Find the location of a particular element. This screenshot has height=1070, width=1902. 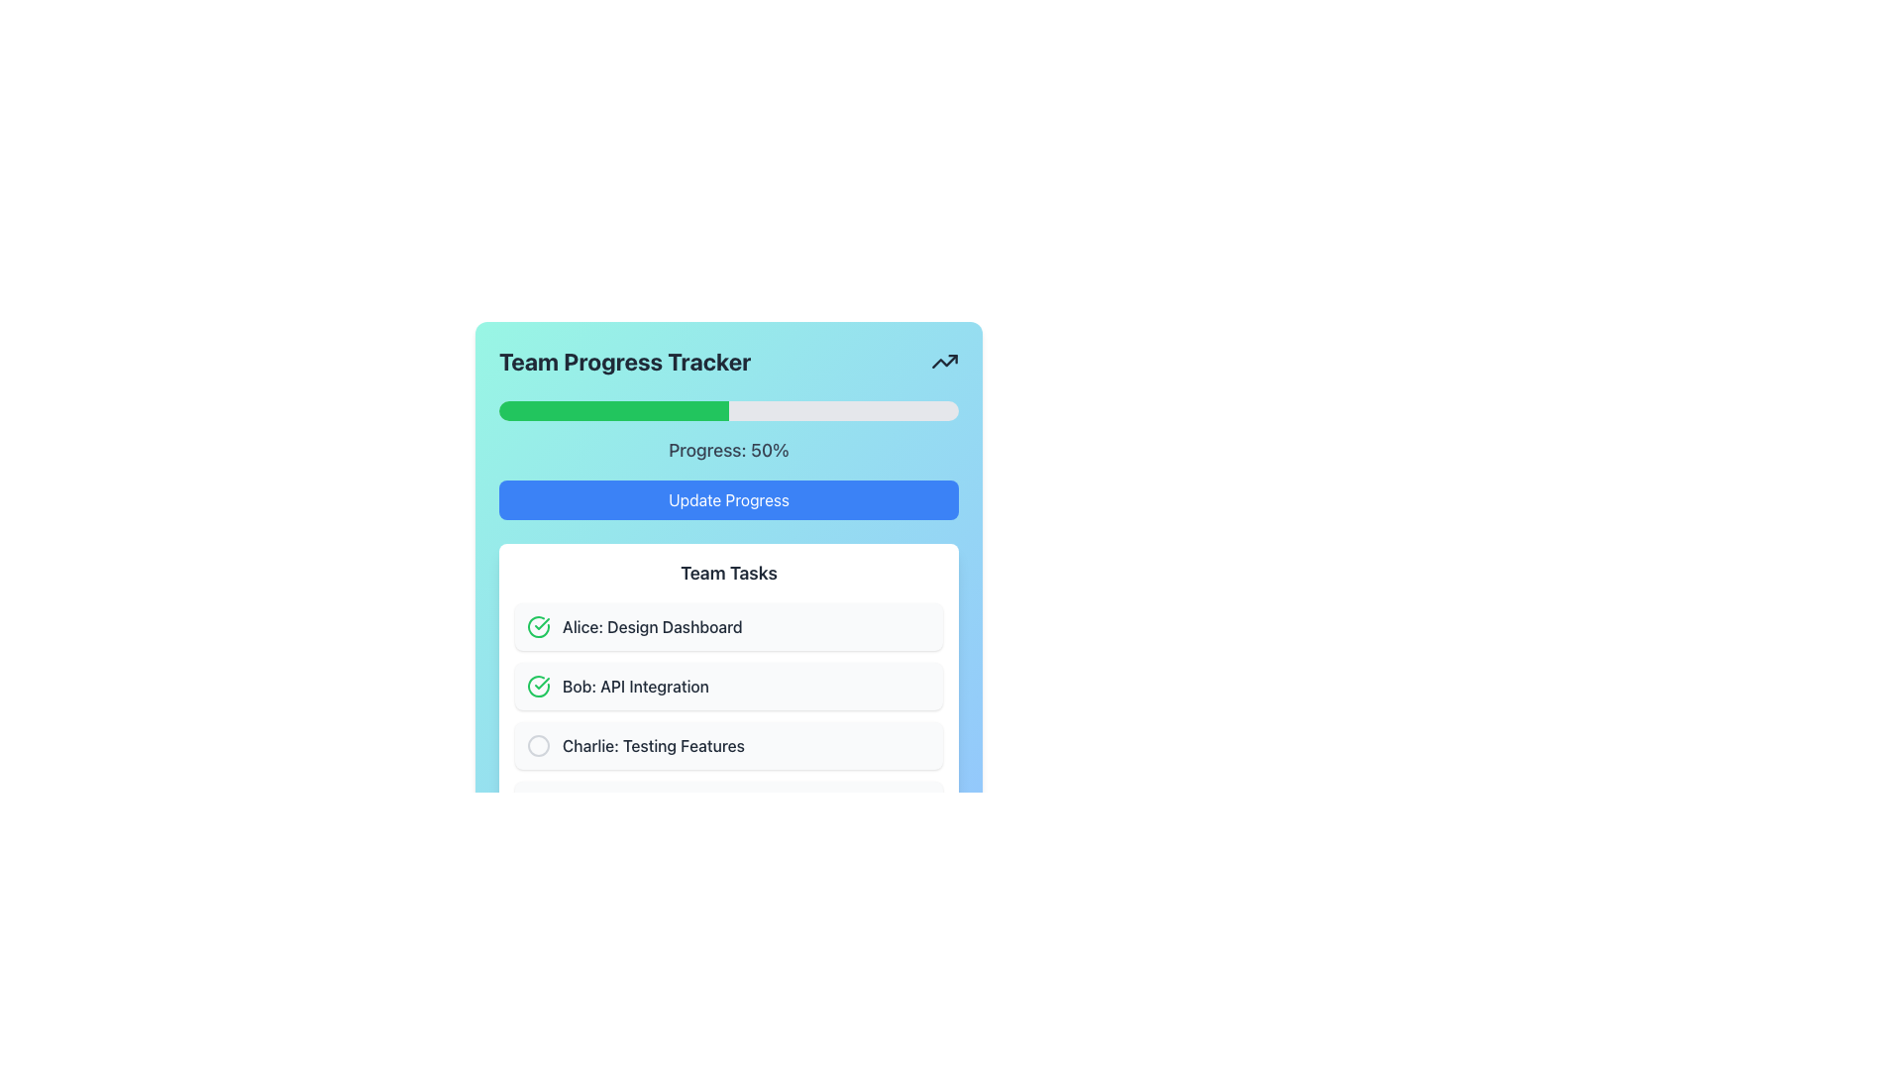

the text label displaying 'Team Tasks' which is styled in bold and located above the list of task entries under the header 'Update Progress' is located at coordinates (727, 573).